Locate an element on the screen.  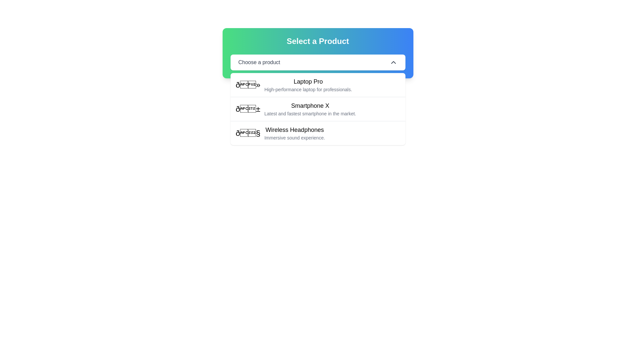
the 'Wireless Headphones' menu item in the dropdown list of the 'Select a Product' interface is located at coordinates (280, 133).